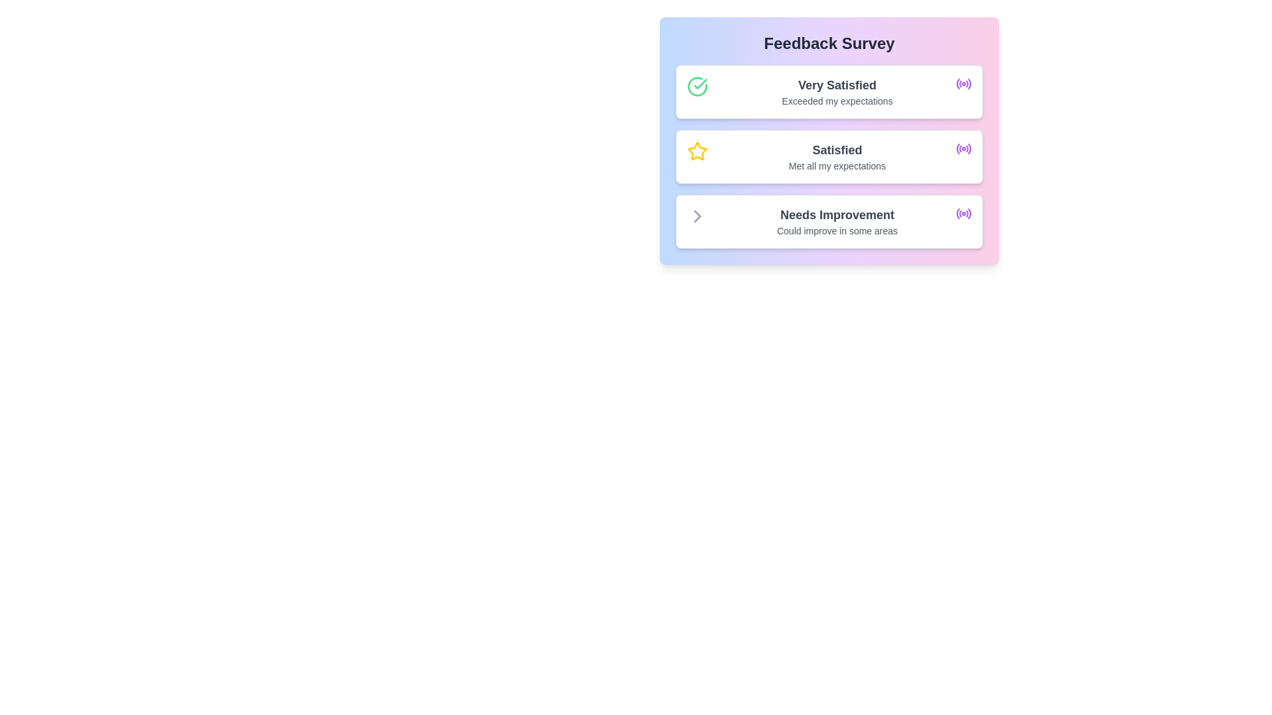 Image resolution: width=1272 pixels, height=715 pixels. Describe the element at coordinates (696, 156) in the screenshot. I see `the star icon representing moderate satisfaction located in the 'Satisfied' feedback option card` at that location.